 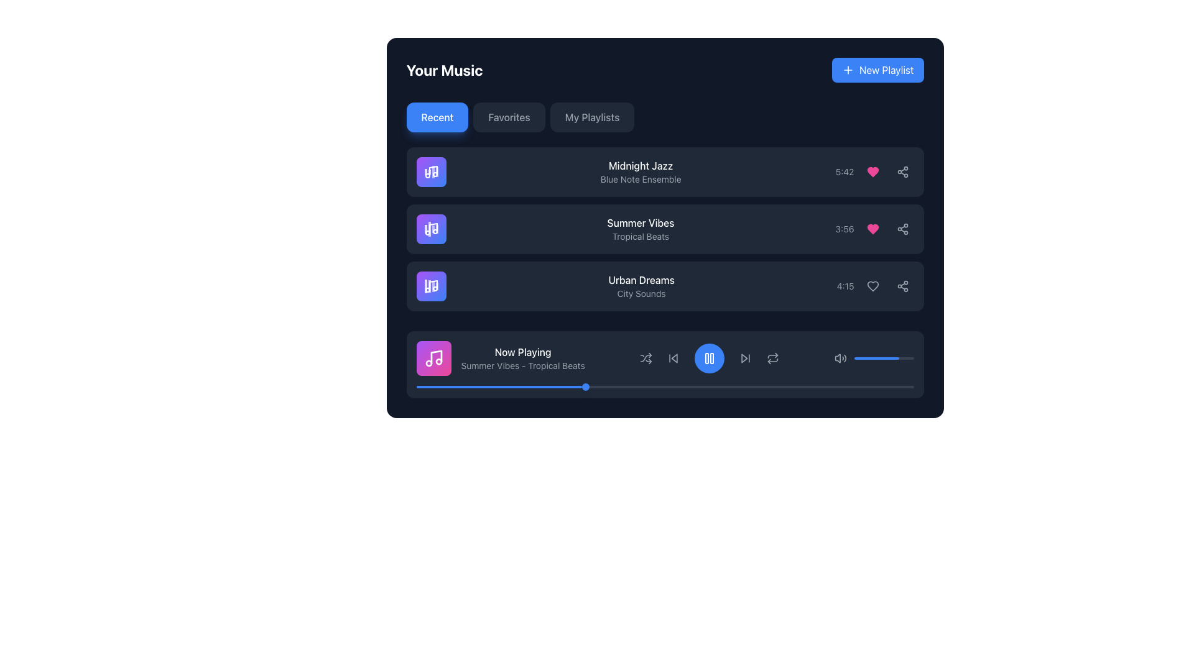 What do you see at coordinates (641, 237) in the screenshot?
I see `the supplementary information text label located directly below the 'Summer Vibes' title` at bounding box center [641, 237].